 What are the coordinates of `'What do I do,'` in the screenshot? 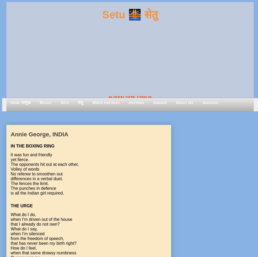 It's located at (23, 214).